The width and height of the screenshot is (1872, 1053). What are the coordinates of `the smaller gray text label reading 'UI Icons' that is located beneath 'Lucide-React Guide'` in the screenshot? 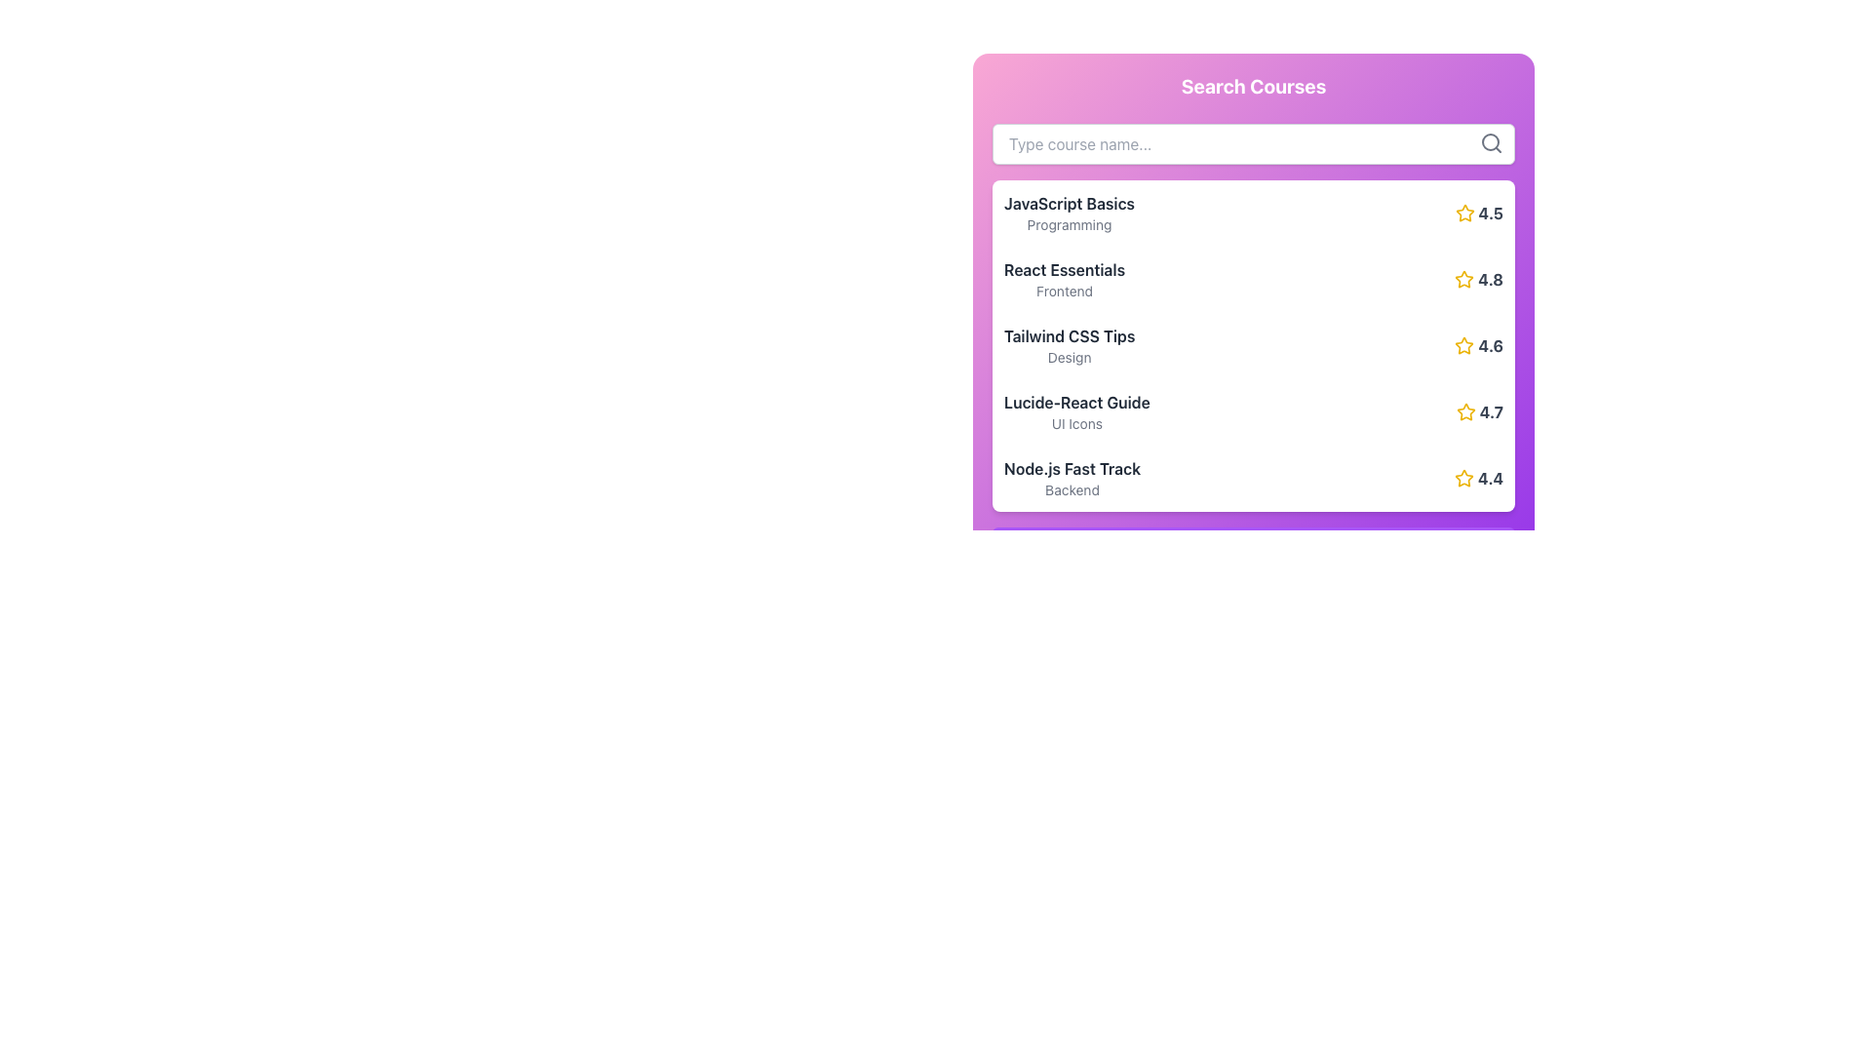 It's located at (1075, 423).